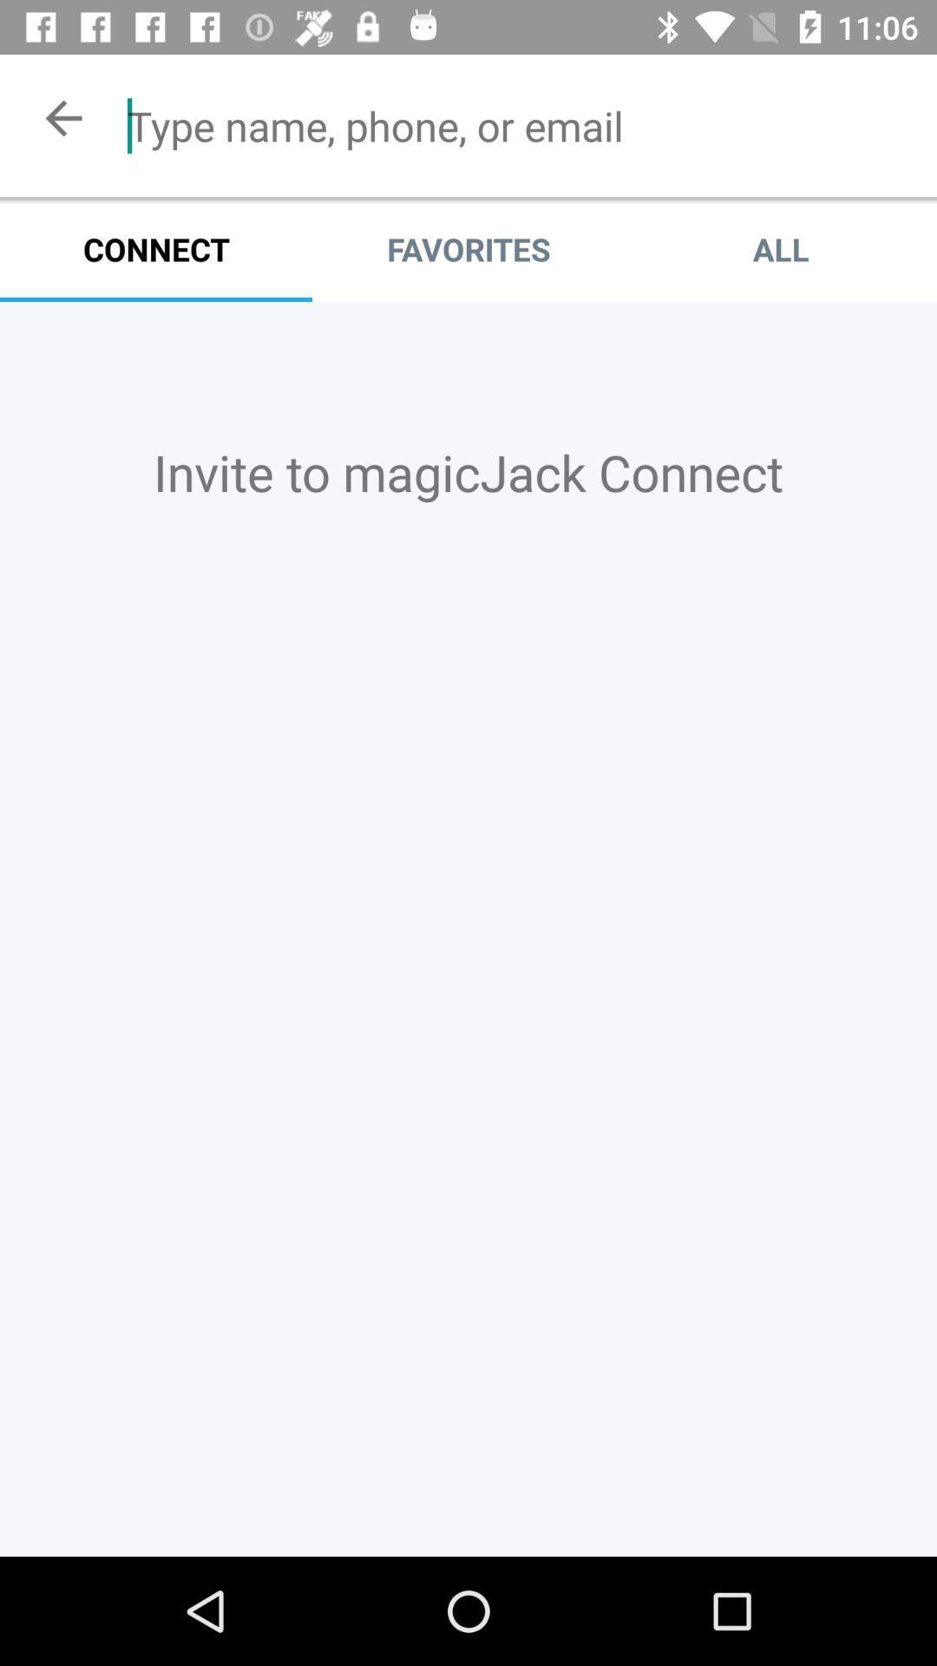 The image size is (937, 1666). What do you see at coordinates (779, 248) in the screenshot?
I see `all` at bounding box center [779, 248].